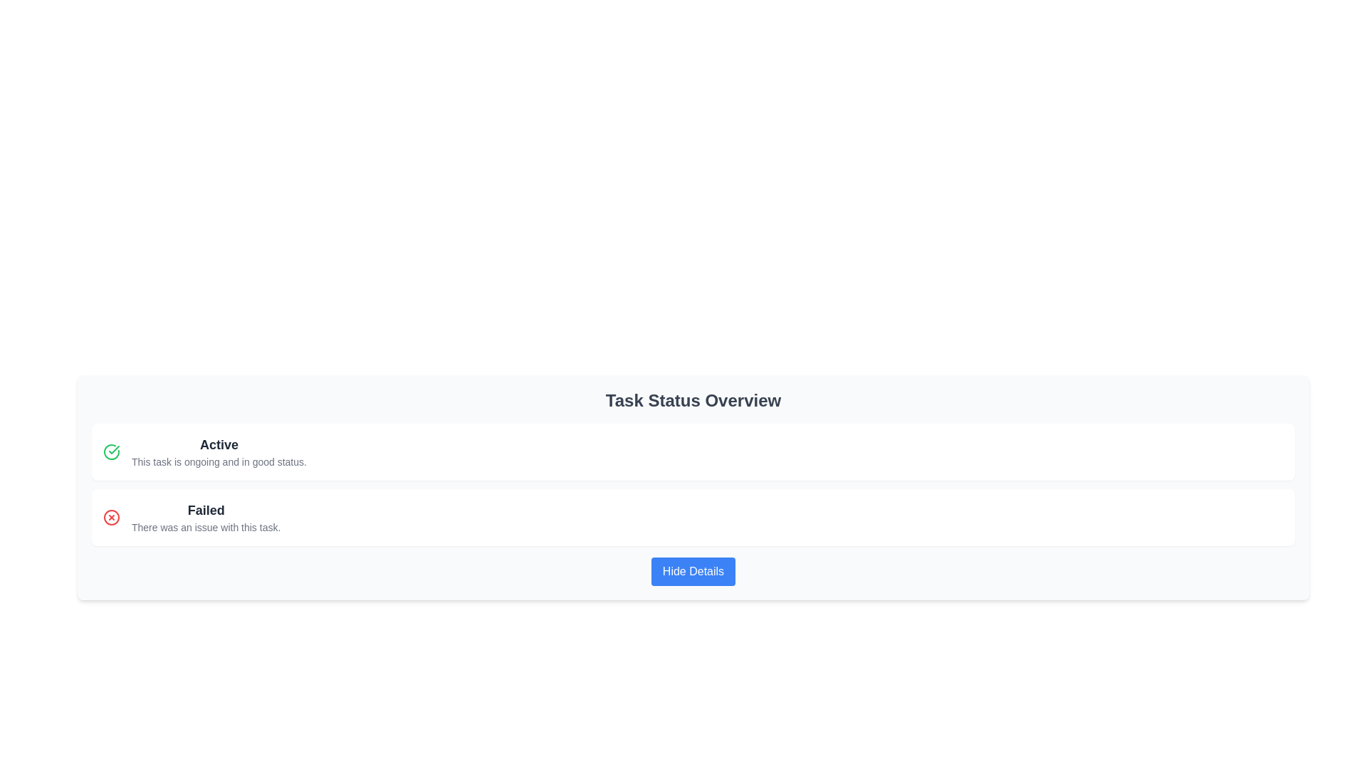  I want to click on the text section displaying 'Failed' and 'There was an issue with this task.' in the second panel of the task status list, so click(205, 517).